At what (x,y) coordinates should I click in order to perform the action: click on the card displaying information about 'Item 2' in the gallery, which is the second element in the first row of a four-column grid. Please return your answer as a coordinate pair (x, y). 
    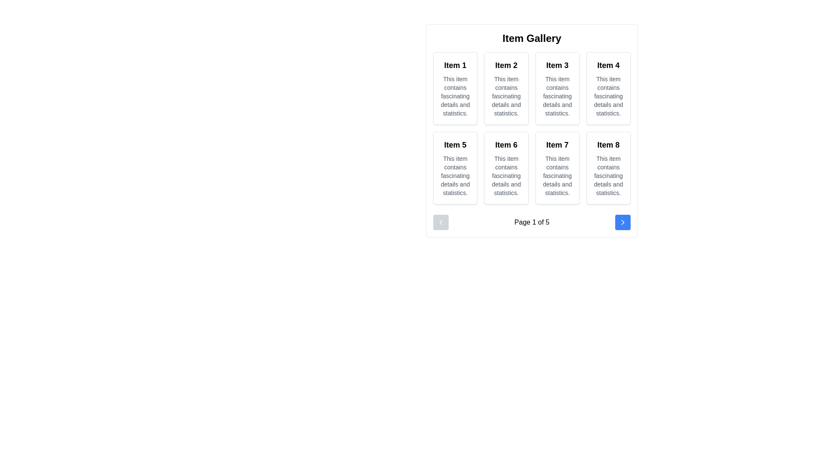
    Looking at the image, I should click on (506, 89).